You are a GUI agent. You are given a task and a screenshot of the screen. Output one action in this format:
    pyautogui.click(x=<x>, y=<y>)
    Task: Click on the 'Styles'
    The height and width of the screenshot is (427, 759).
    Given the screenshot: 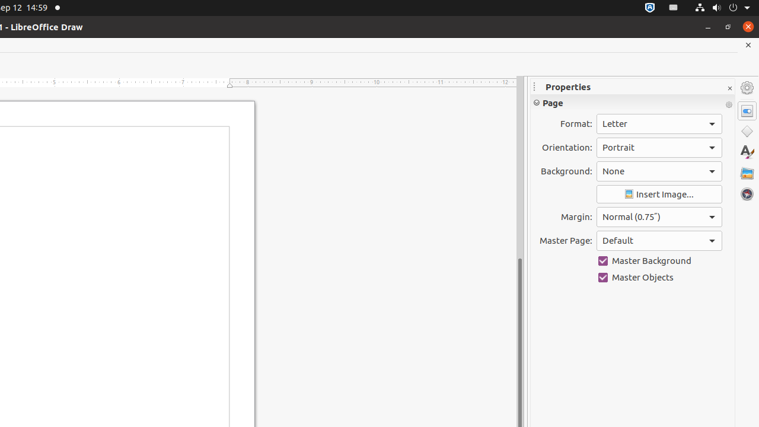 What is the action you would take?
    pyautogui.click(x=747, y=151)
    